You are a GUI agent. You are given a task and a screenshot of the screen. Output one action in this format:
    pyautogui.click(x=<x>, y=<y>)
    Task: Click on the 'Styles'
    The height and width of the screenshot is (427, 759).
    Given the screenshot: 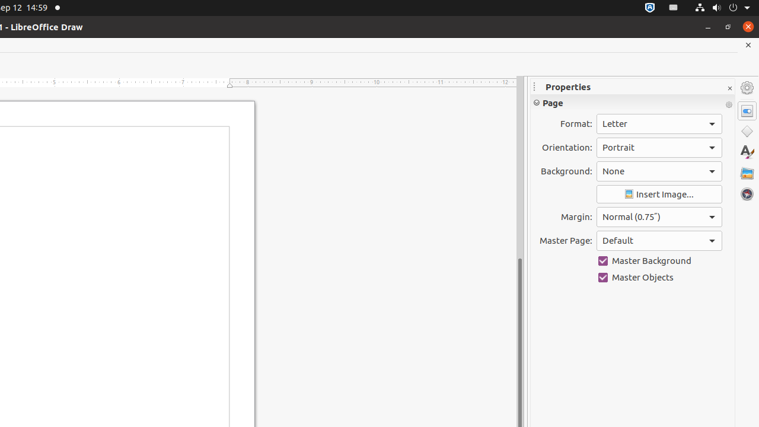 What is the action you would take?
    pyautogui.click(x=747, y=151)
    